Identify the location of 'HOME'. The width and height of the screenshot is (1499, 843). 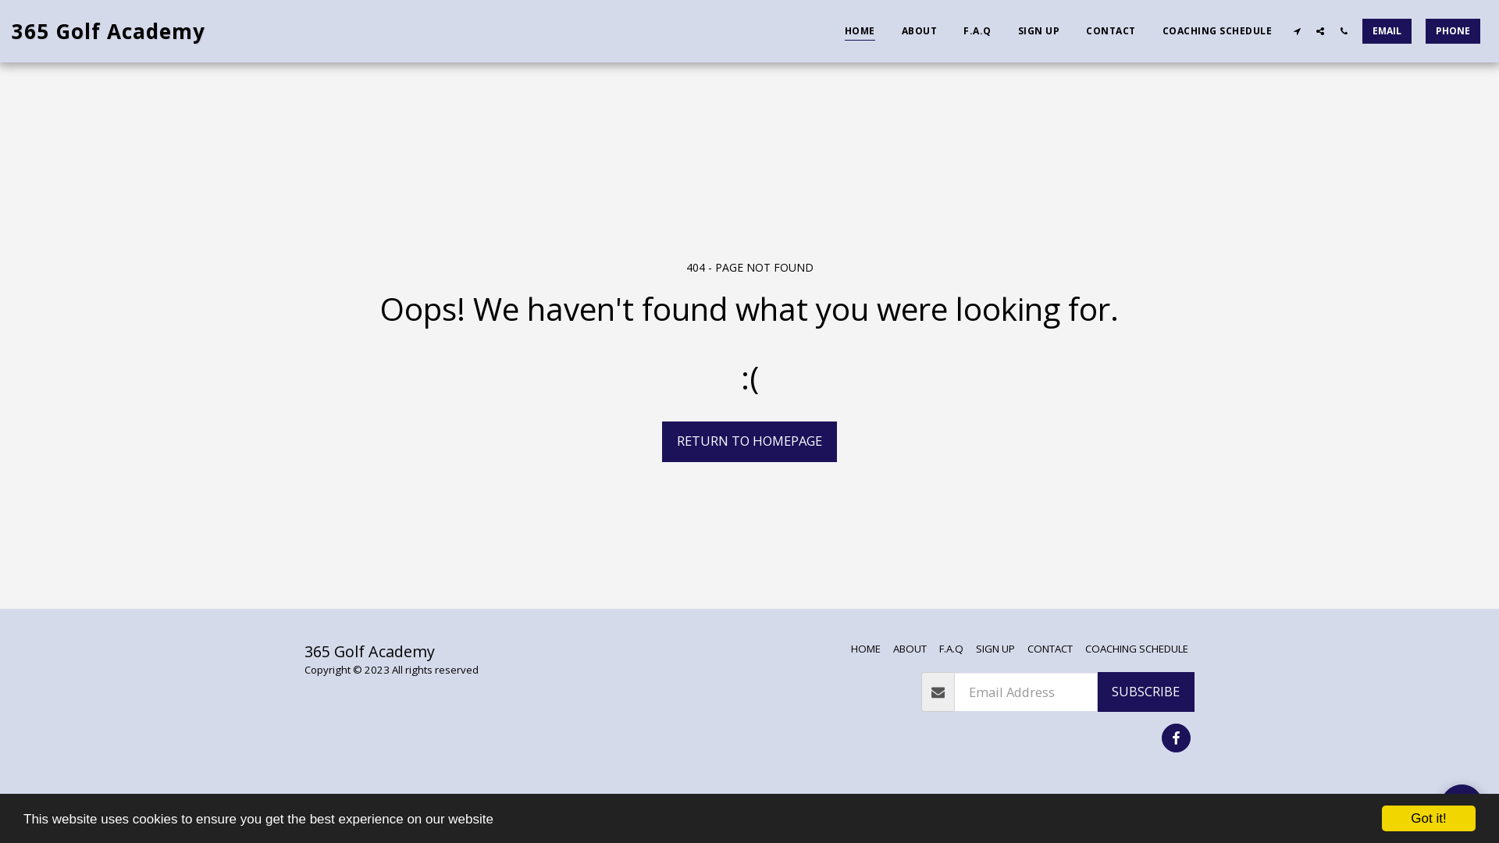
(849, 648).